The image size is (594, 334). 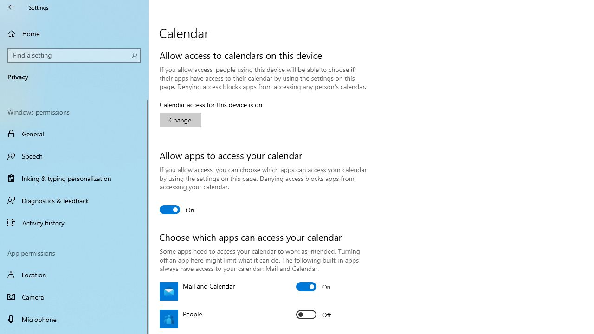 What do you see at coordinates (74, 33) in the screenshot?
I see `'Home'` at bounding box center [74, 33].